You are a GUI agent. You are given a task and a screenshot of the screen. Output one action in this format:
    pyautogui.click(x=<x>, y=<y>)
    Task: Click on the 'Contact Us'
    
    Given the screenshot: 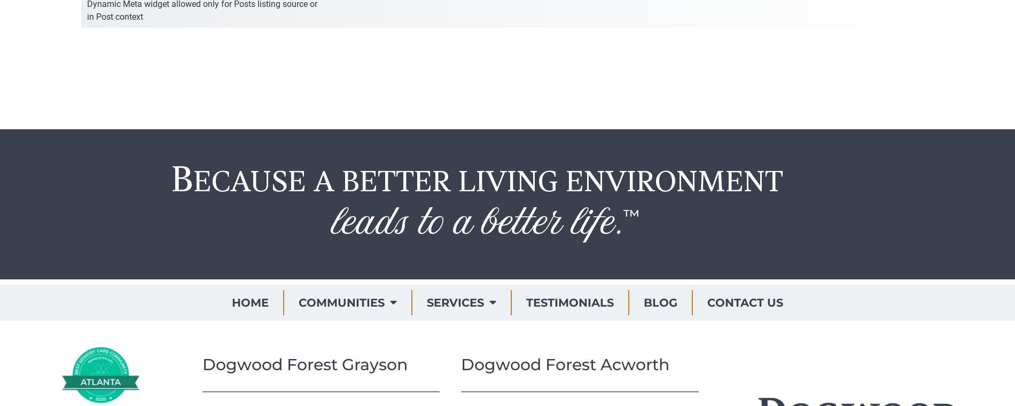 What is the action you would take?
    pyautogui.click(x=744, y=302)
    